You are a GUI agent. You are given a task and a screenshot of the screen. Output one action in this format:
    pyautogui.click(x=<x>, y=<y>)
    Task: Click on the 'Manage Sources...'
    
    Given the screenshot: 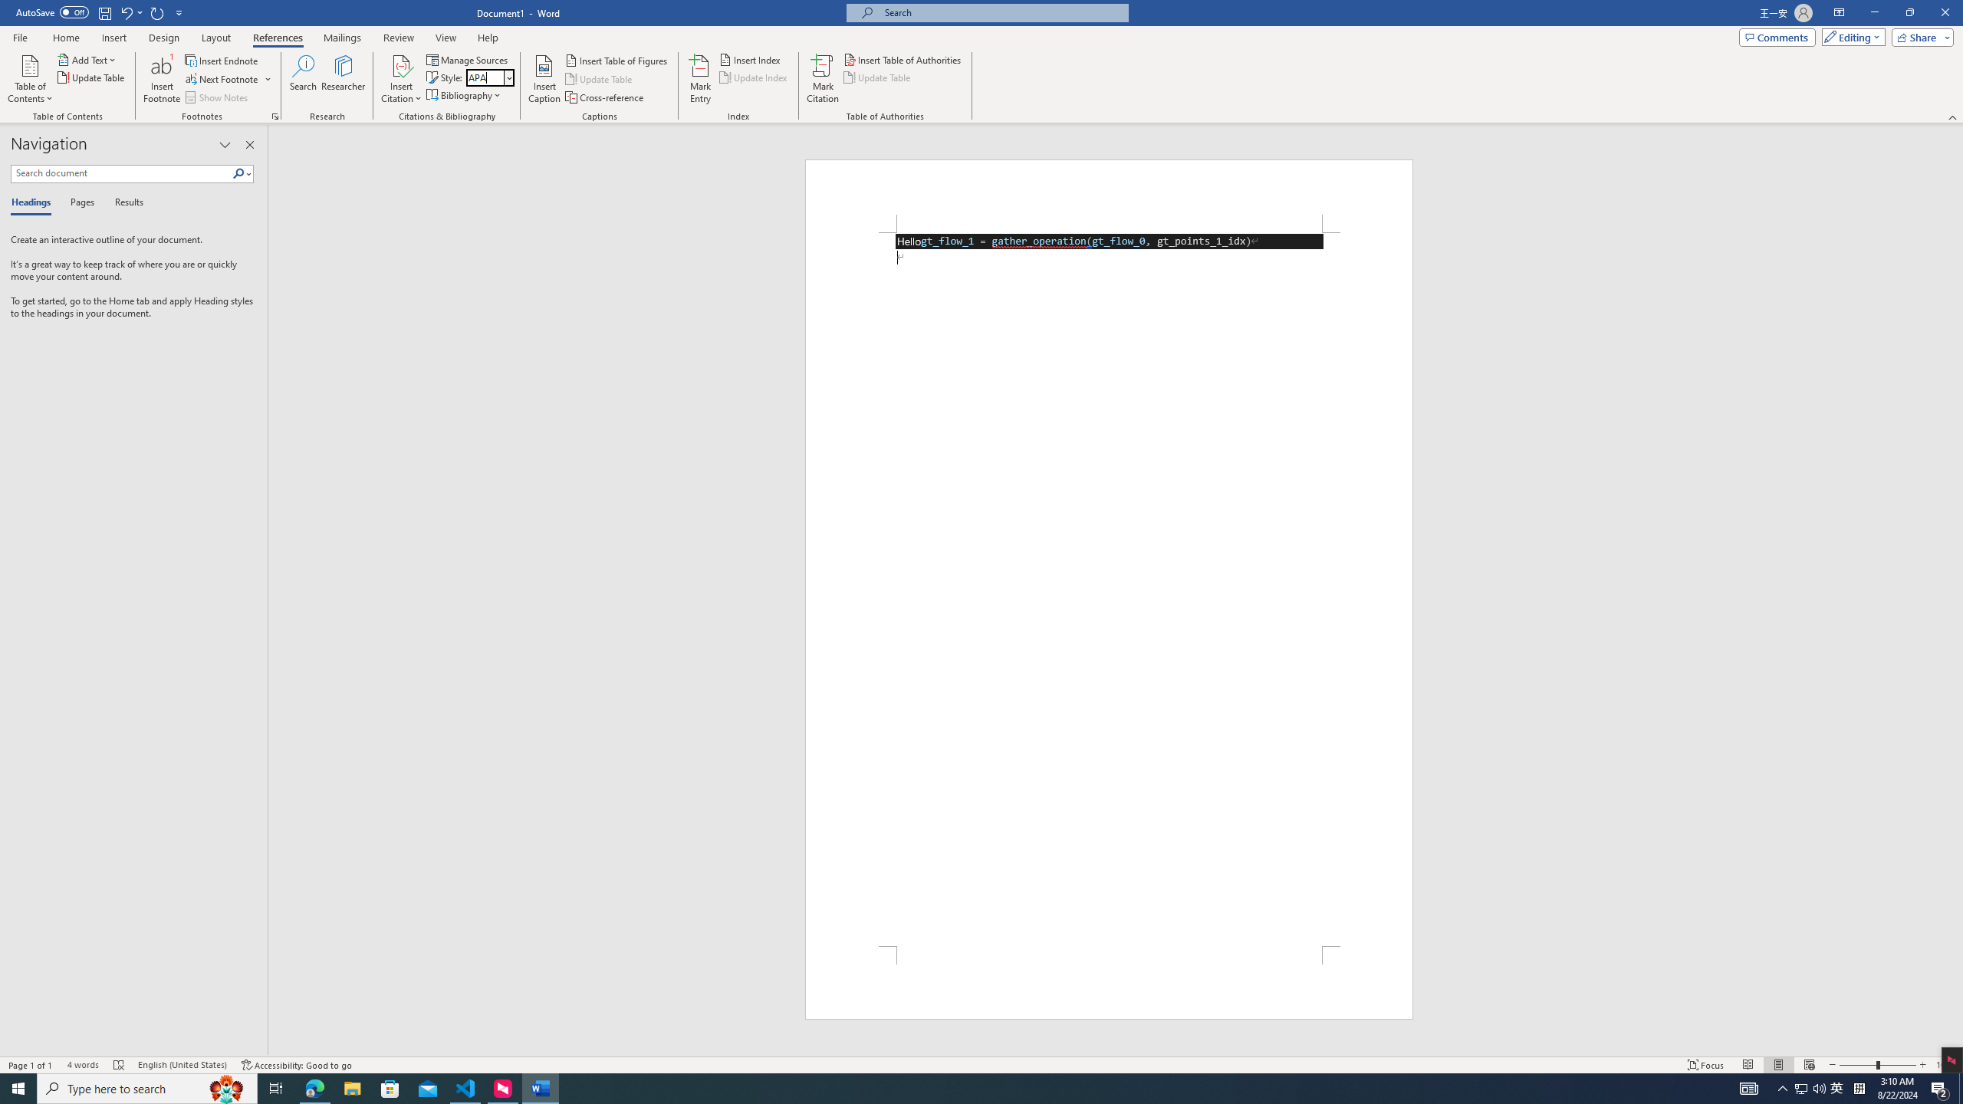 What is the action you would take?
    pyautogui.click(x=468, y=59)
    